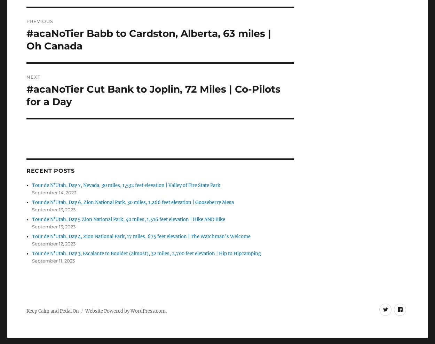 The height and width of the screenshot is (344, 435). Describe the element at coordinates (133, 202) in the screenshot. I see `'Tour de N’Utah, Day 6, Zion National Park, 30 miles, 1,266 feet elevation | Gooseberry Mesa'` at that location.